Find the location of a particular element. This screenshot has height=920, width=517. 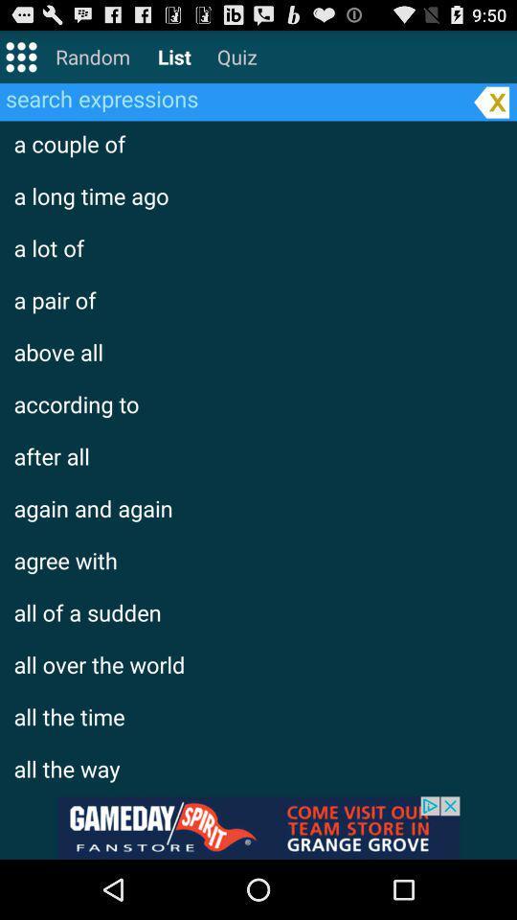

delete is located at coordinates (491, 102).